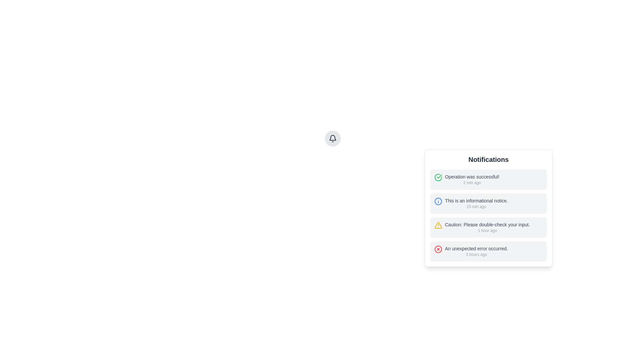  I want to click on the static text label indicating successful operation completion, located in the Notifications section, above the timestamp '2 min ago' and below the checkmark icon, so click(472, 177).